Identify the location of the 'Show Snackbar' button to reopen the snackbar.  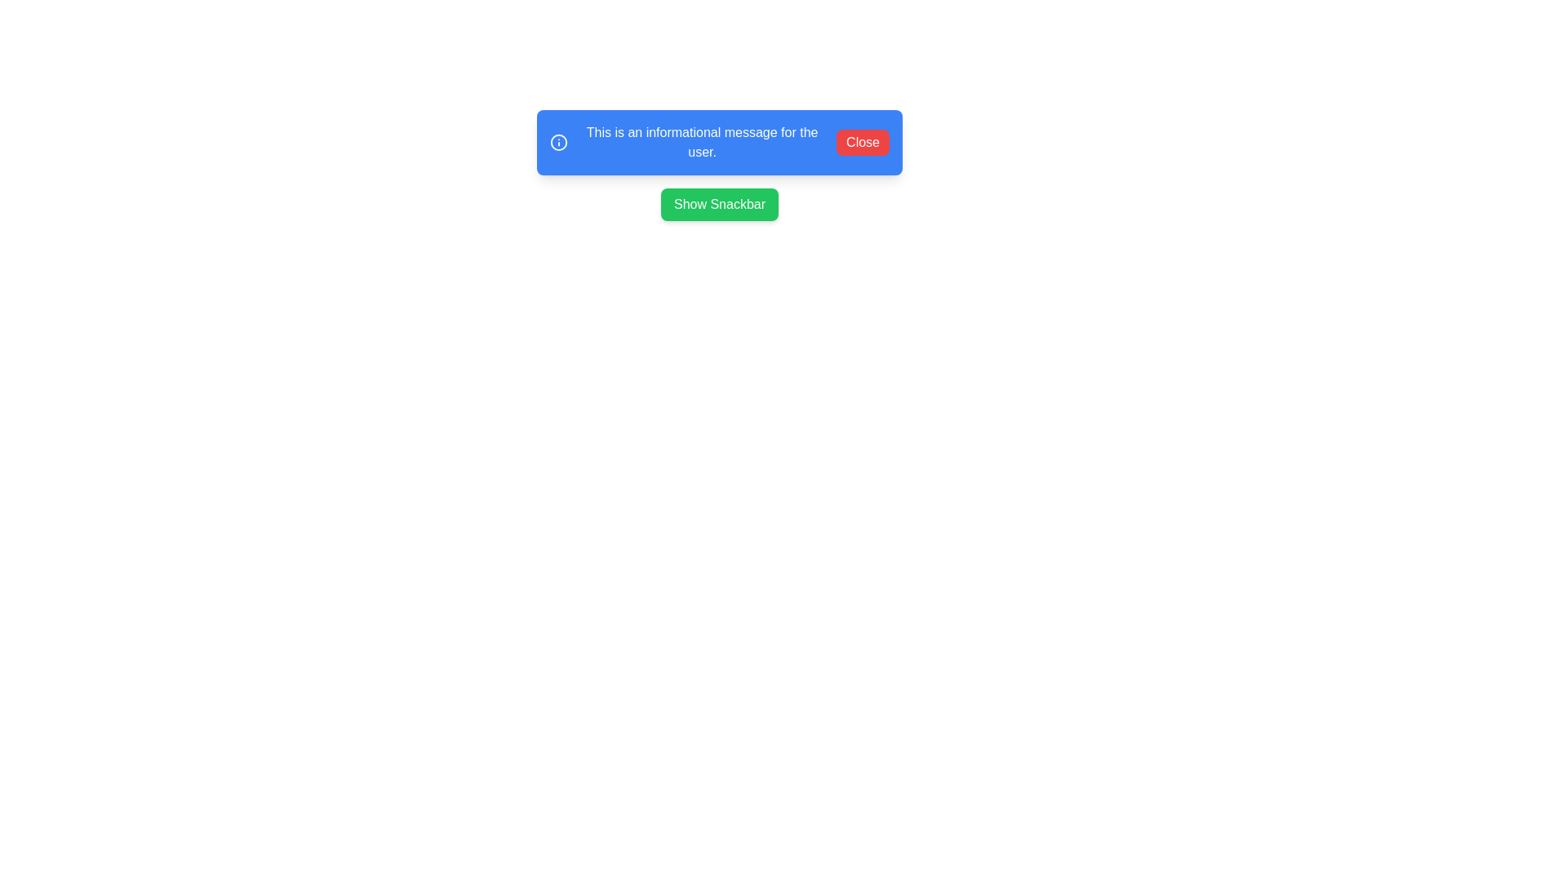
(719, 203).